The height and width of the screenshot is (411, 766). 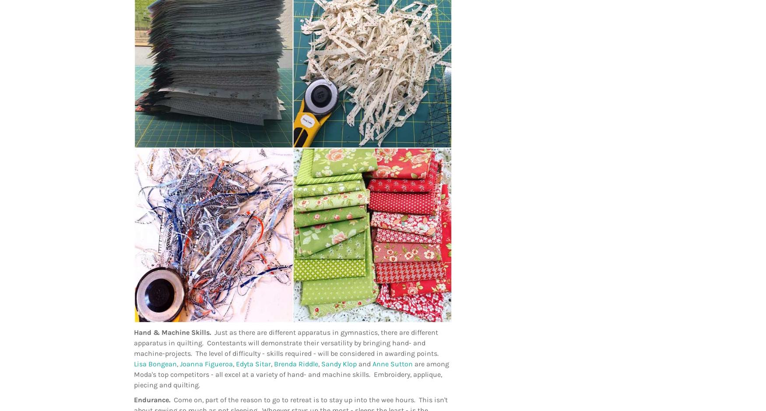 I want to click on 'Sandy Klop', so click(x=338, y=364).